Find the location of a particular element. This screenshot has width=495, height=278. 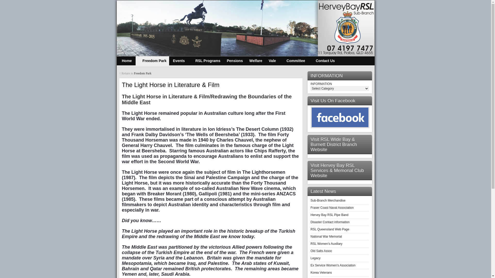

'Welfare' is located at coordinates (256, 60).